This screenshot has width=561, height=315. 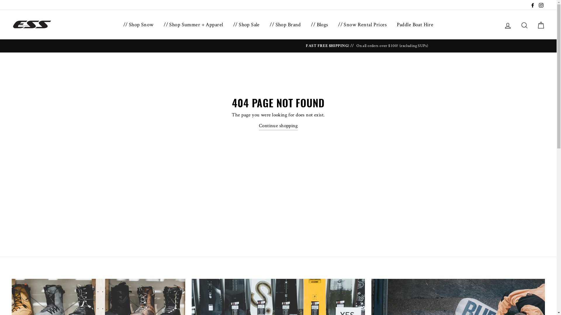 I want to click on '// Shop Brand', so click(x=285, y=24).